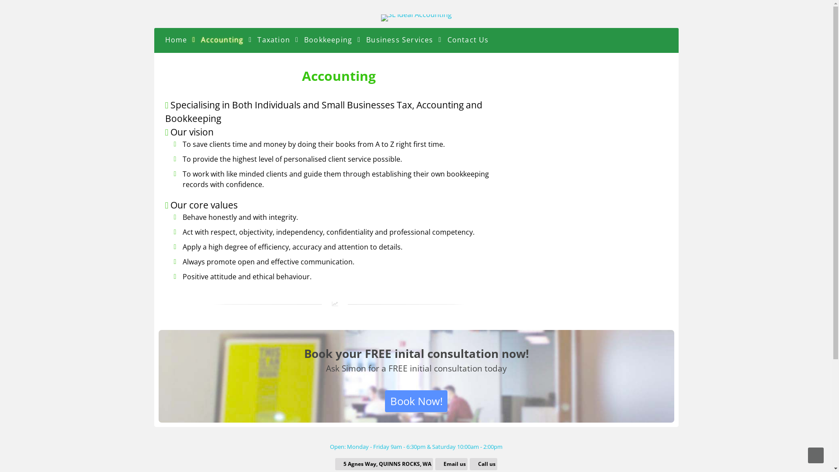  I want to click on 'Book Now!', so click(385, 401).